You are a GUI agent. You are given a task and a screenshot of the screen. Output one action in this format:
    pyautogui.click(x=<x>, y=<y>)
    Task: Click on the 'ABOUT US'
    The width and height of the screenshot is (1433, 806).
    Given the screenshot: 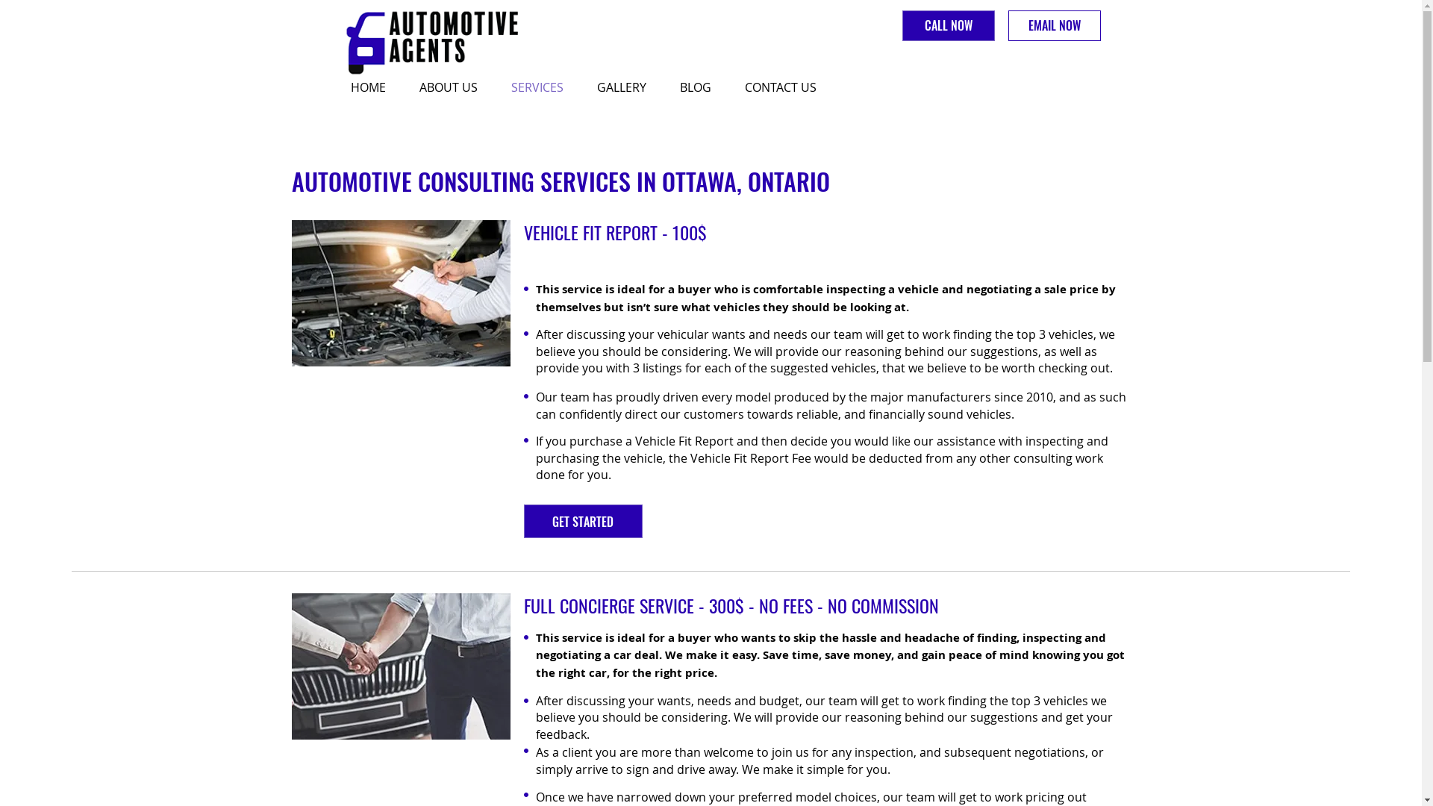 What is the action you would take?
    pyautogui.click(x=452, y=87)
    